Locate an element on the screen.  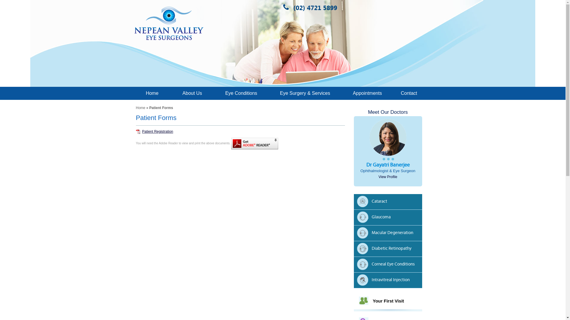
'Glaucoma' is located at coordinates (356, 218).